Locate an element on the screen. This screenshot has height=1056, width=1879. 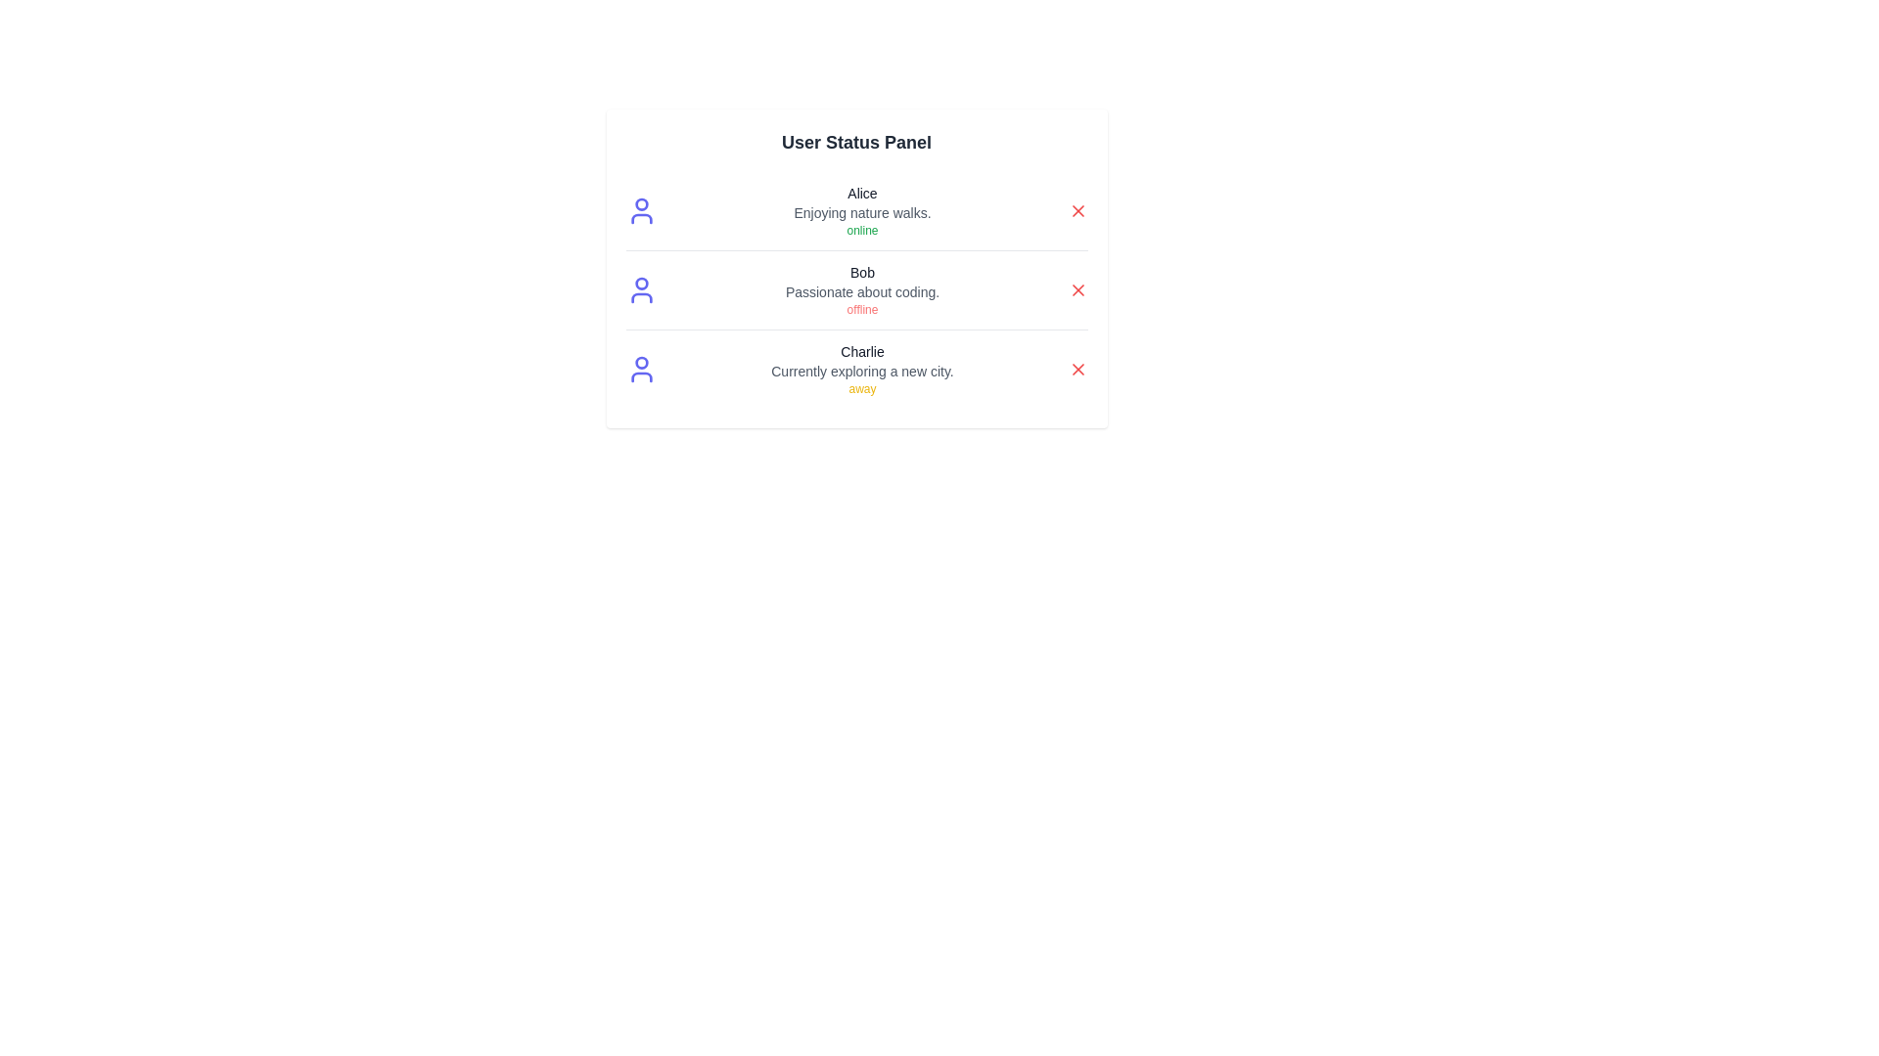
the button located at the far-right side of the row labeled 'Bob', which is marked as 'offline' is located at coordinates (1077, 290).